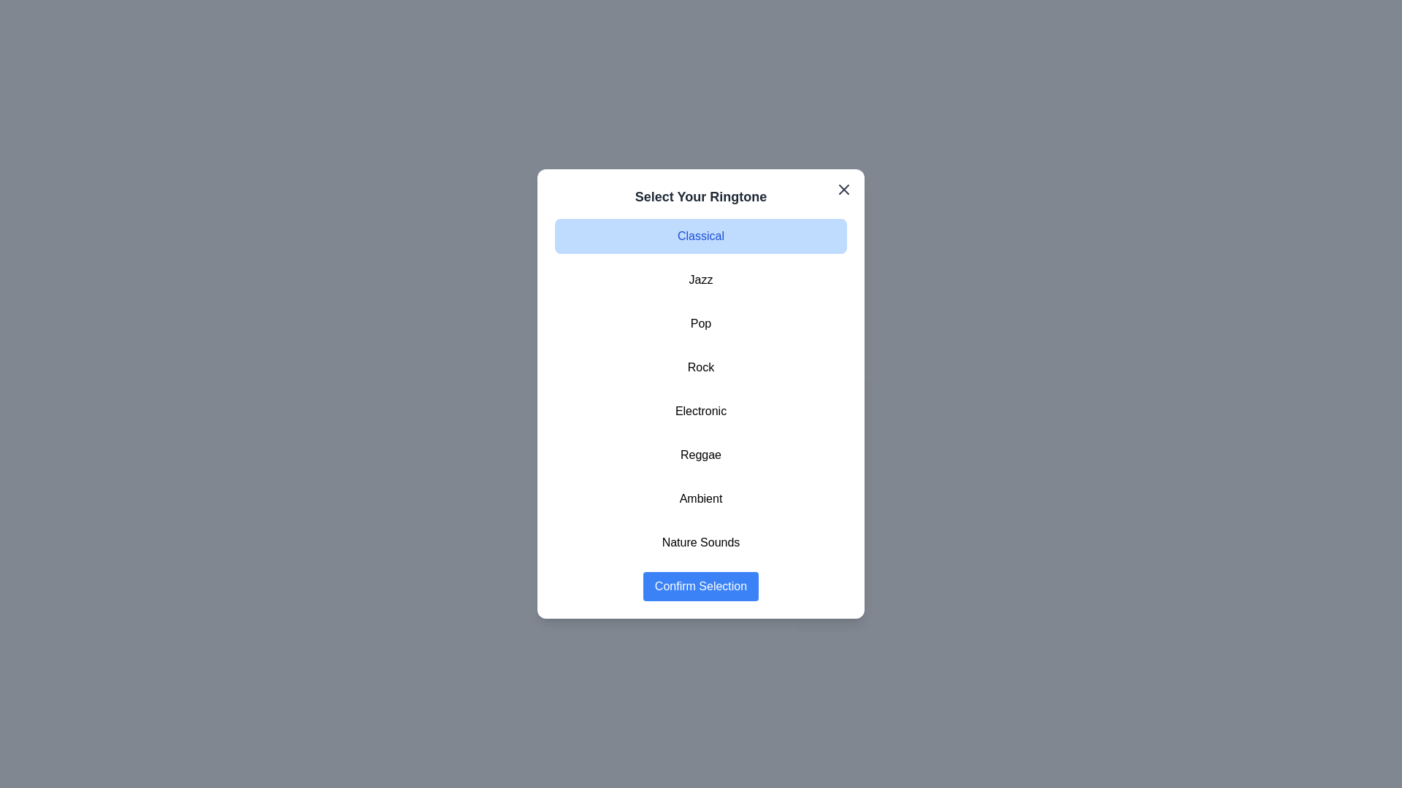  Describe the element at coordinates (701, 280) in the screenshot. I see `the ringtone Jazz from the list` at that location.